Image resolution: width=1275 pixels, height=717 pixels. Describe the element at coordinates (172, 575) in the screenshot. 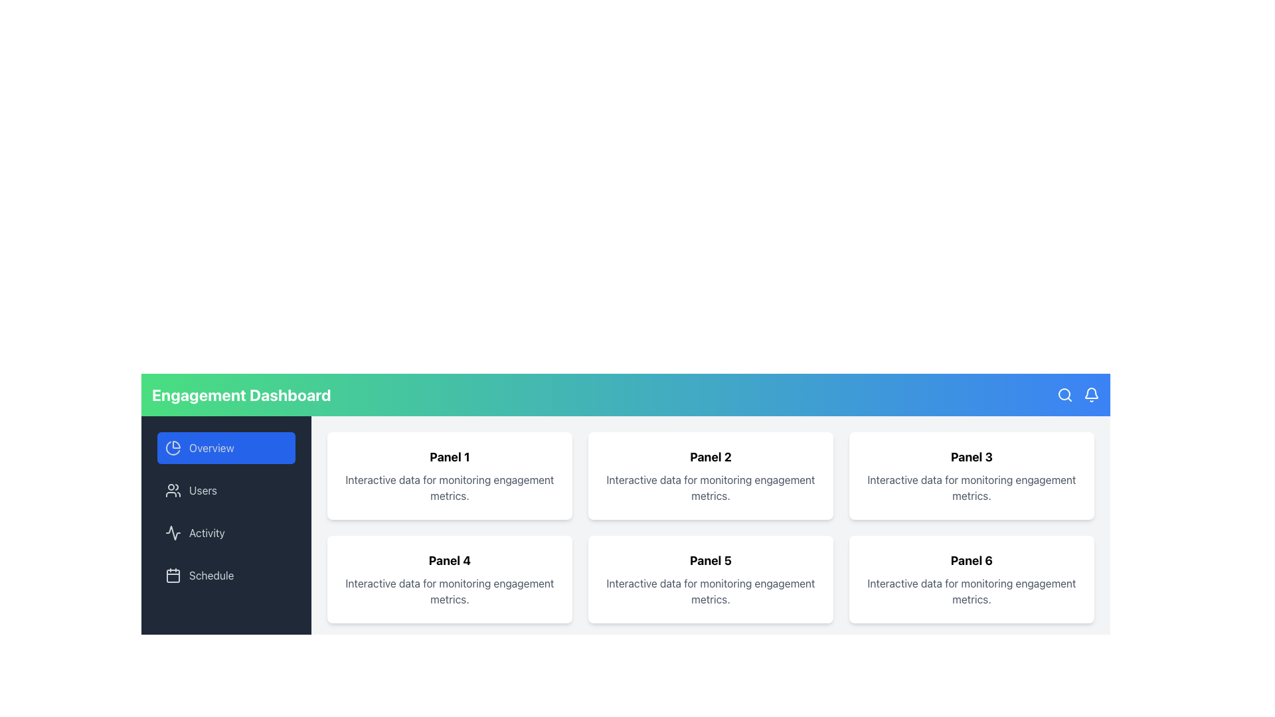

I see `the calendar icon located in the dark sidebar next to the 'Schedule' text` at that location.